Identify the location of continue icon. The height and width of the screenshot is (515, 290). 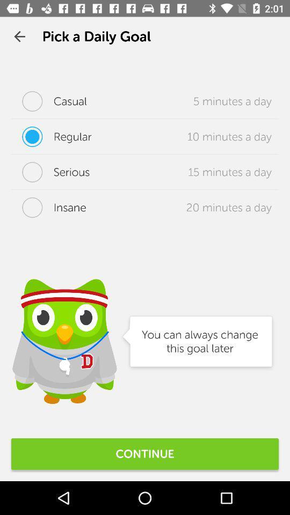
(145, 453).